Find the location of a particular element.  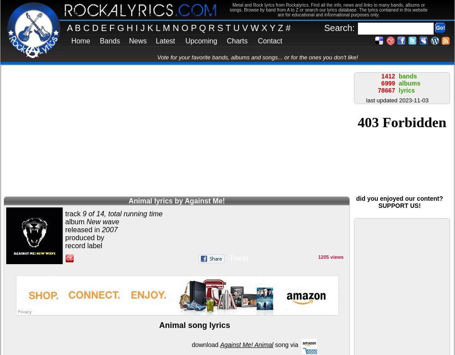

'N' is located at coordinates (177, 27).